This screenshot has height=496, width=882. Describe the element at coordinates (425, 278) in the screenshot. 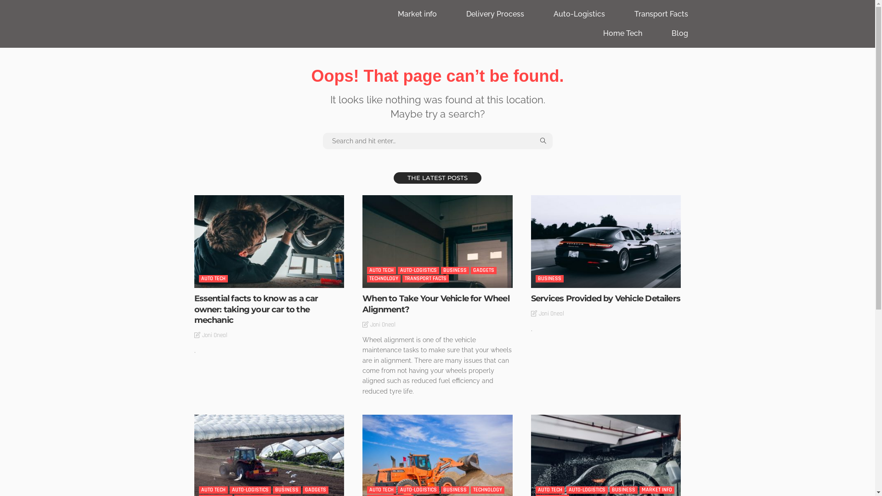

I see `'TRANSPORT FACTS'` at that location.